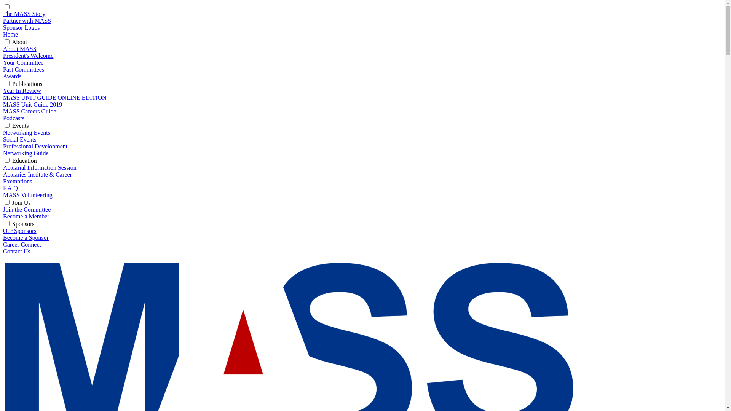  Describe the element at coordinates (18, 181) in the screenshot. I see `'Exemptions'` at that location.